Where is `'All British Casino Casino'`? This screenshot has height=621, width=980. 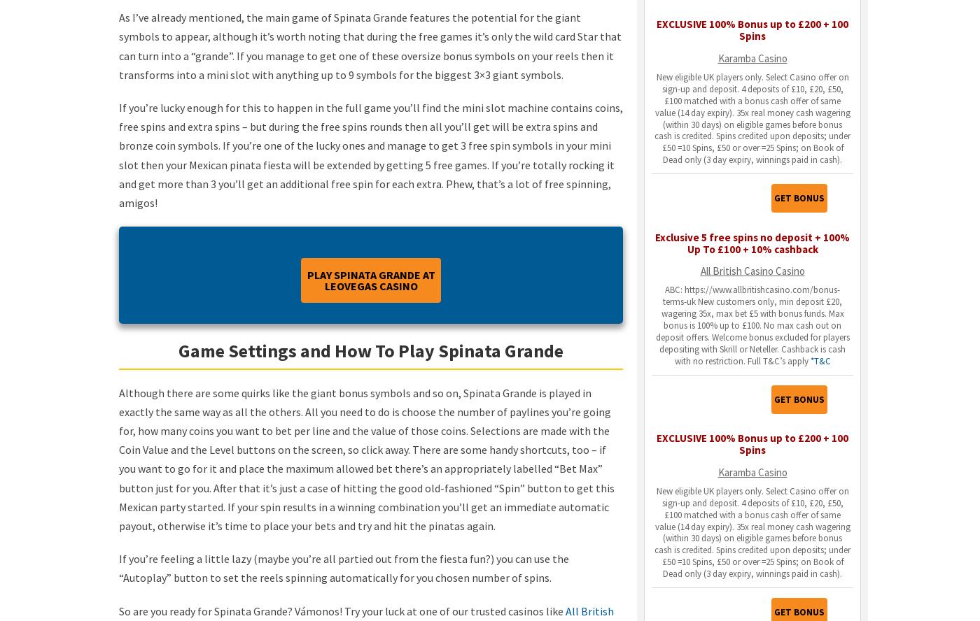
'All British Casino Casino' is located at coordinates (752, 271).